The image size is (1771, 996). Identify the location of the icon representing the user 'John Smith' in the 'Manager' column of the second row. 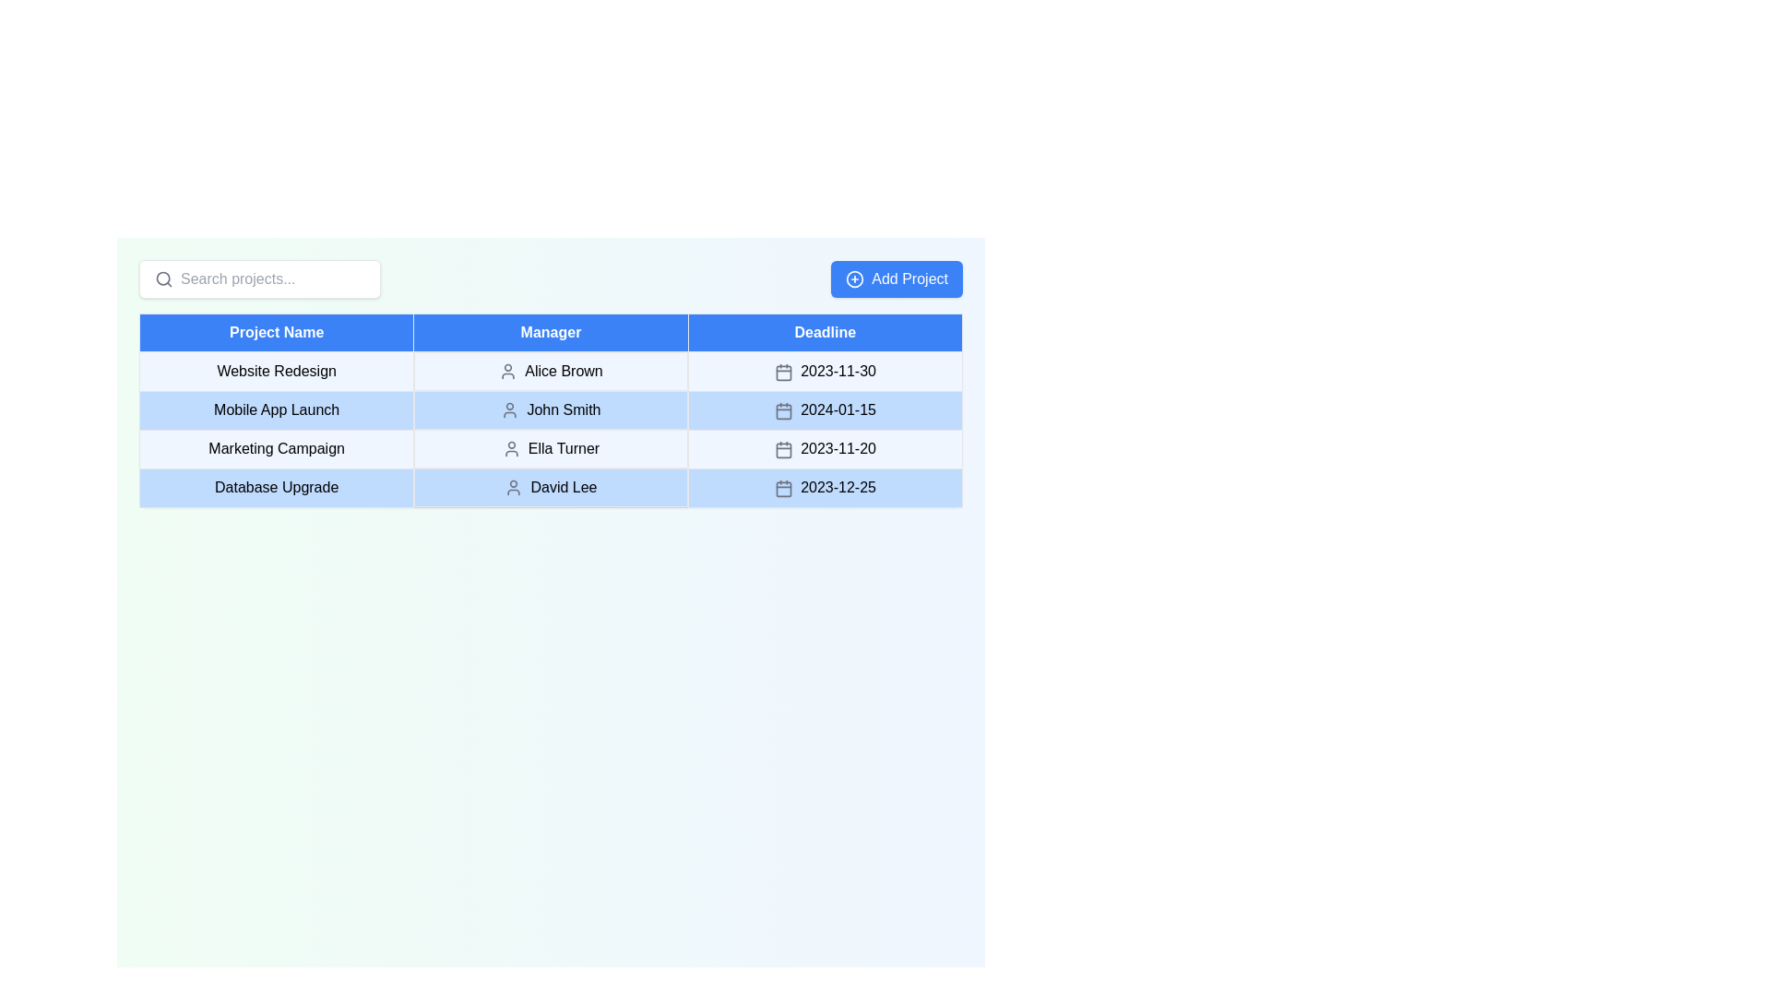
(510, 409).